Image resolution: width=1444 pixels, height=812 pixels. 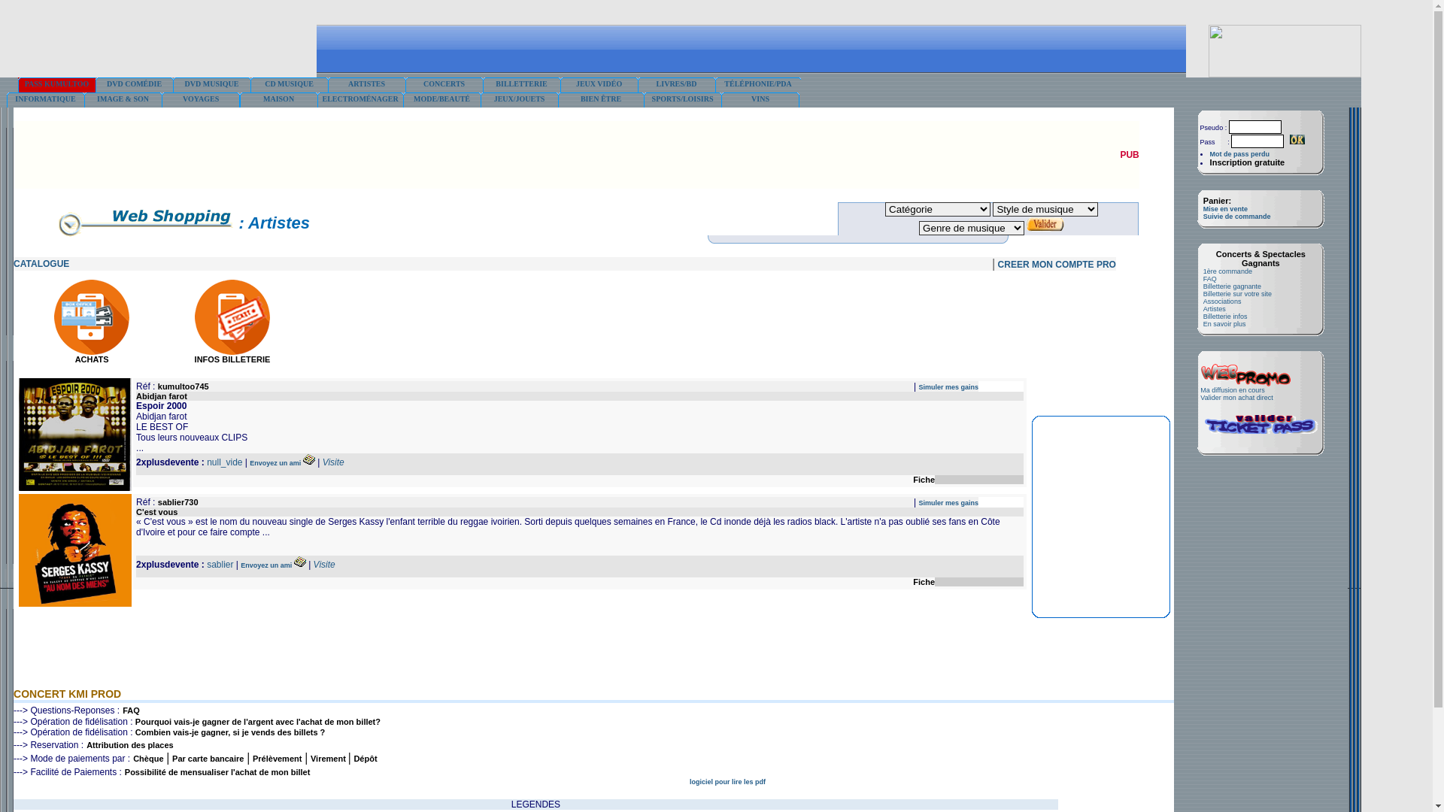 I want to click on 'Visite', so click(x=323, y=565).